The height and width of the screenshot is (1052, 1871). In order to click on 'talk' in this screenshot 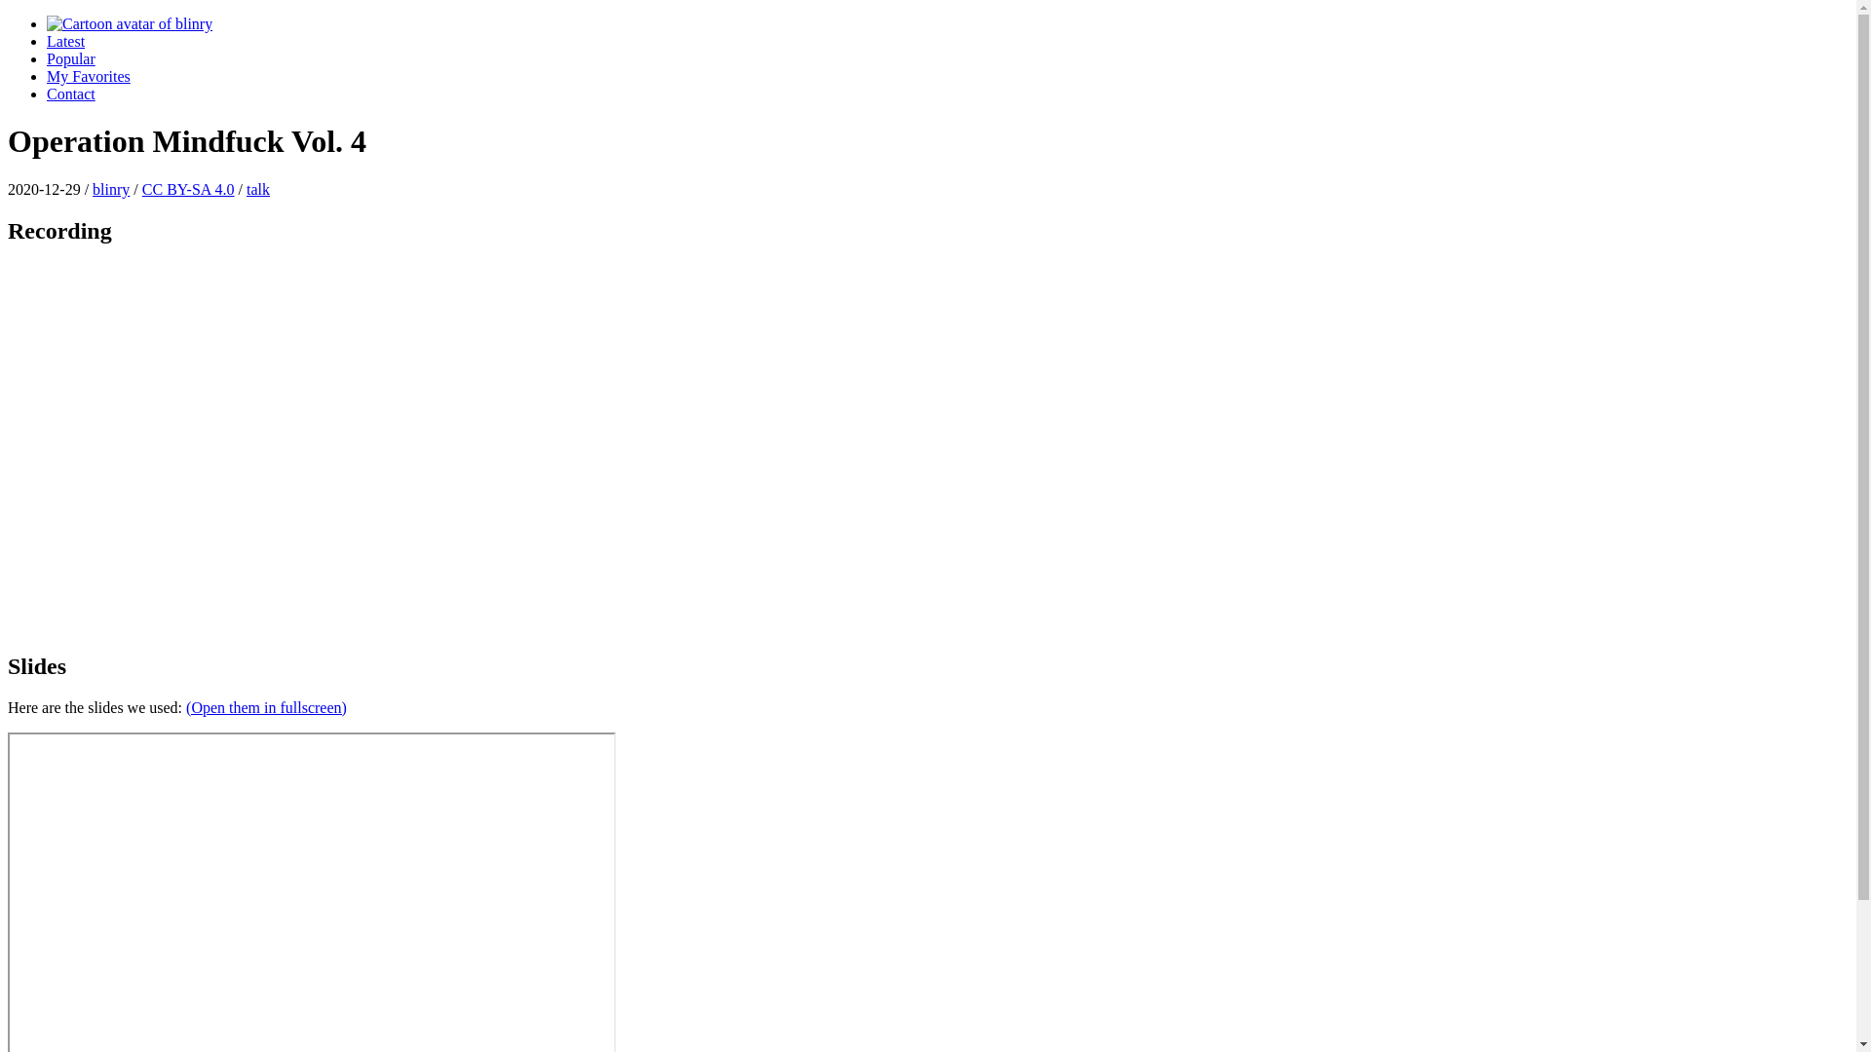, I will do `click(256, 189)`.